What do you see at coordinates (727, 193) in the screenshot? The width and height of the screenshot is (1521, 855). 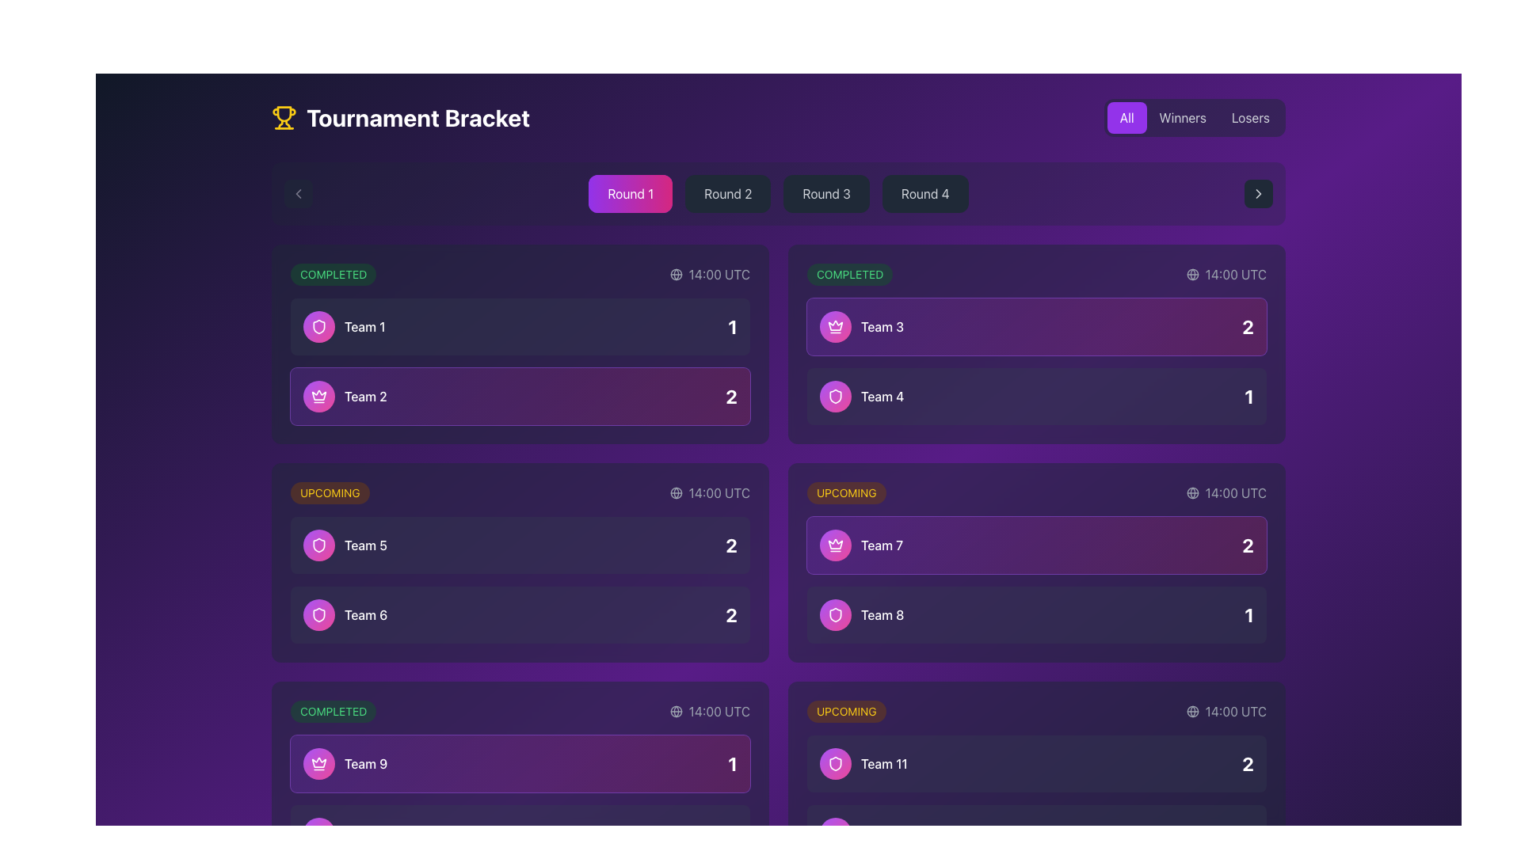 I see `the static text 'Round 2' in the second navigation button of a row of four buttons in the navigation bar` at bounding box center [727, 193].